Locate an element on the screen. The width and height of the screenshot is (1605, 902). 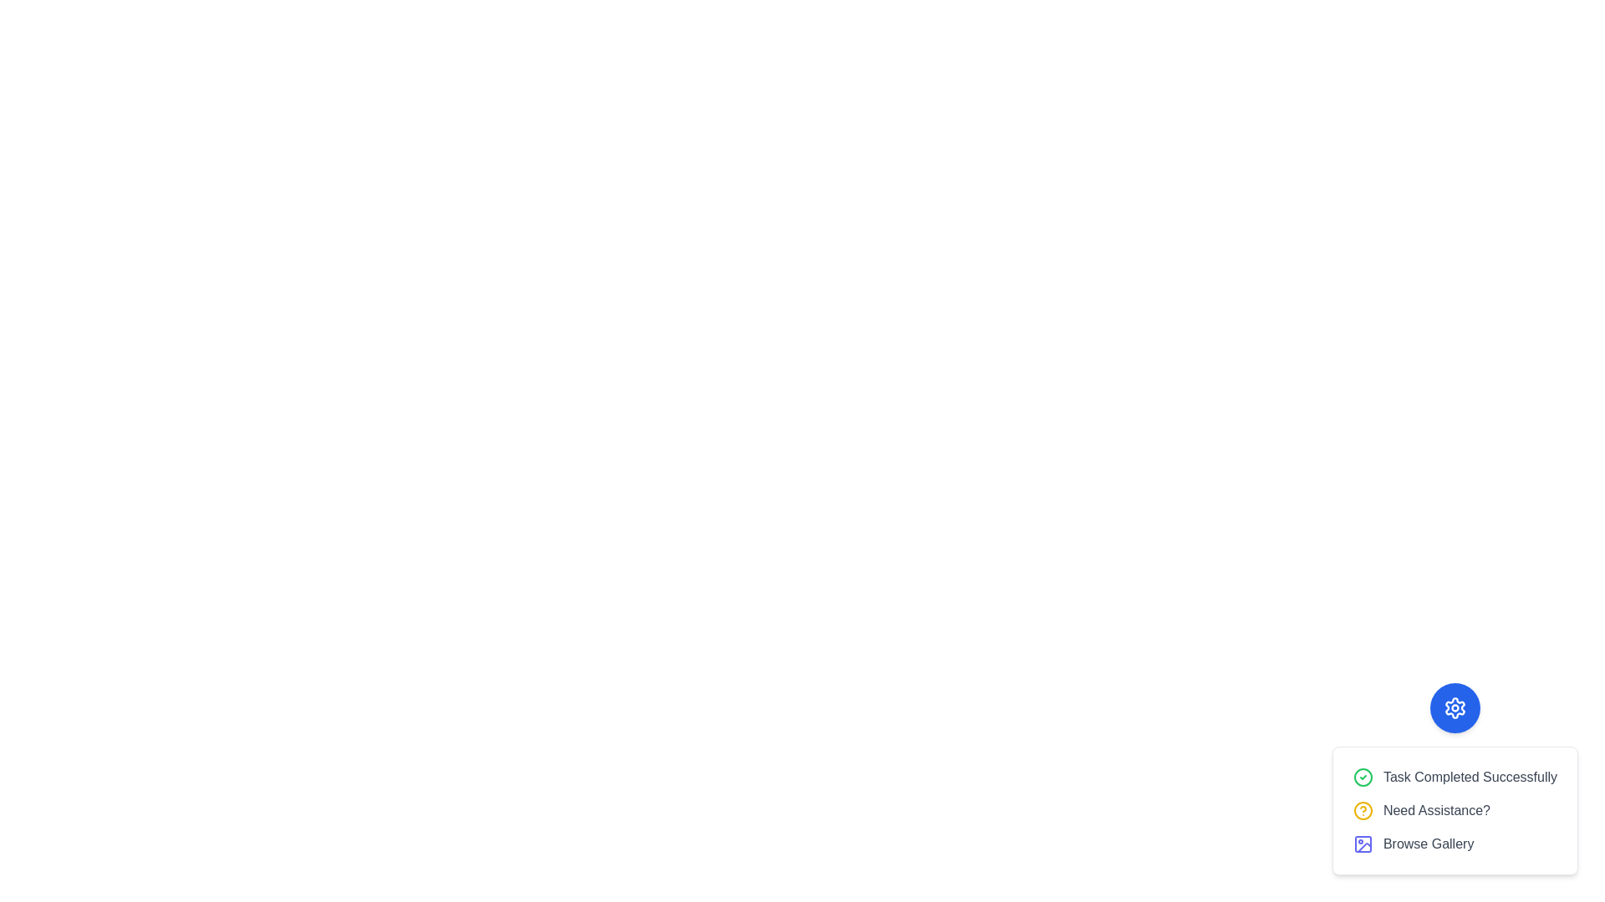
the settings icon, which is visually enclosed within a blue circular background at the bottom right corner of the interface is located at coordinates (1454, 708).